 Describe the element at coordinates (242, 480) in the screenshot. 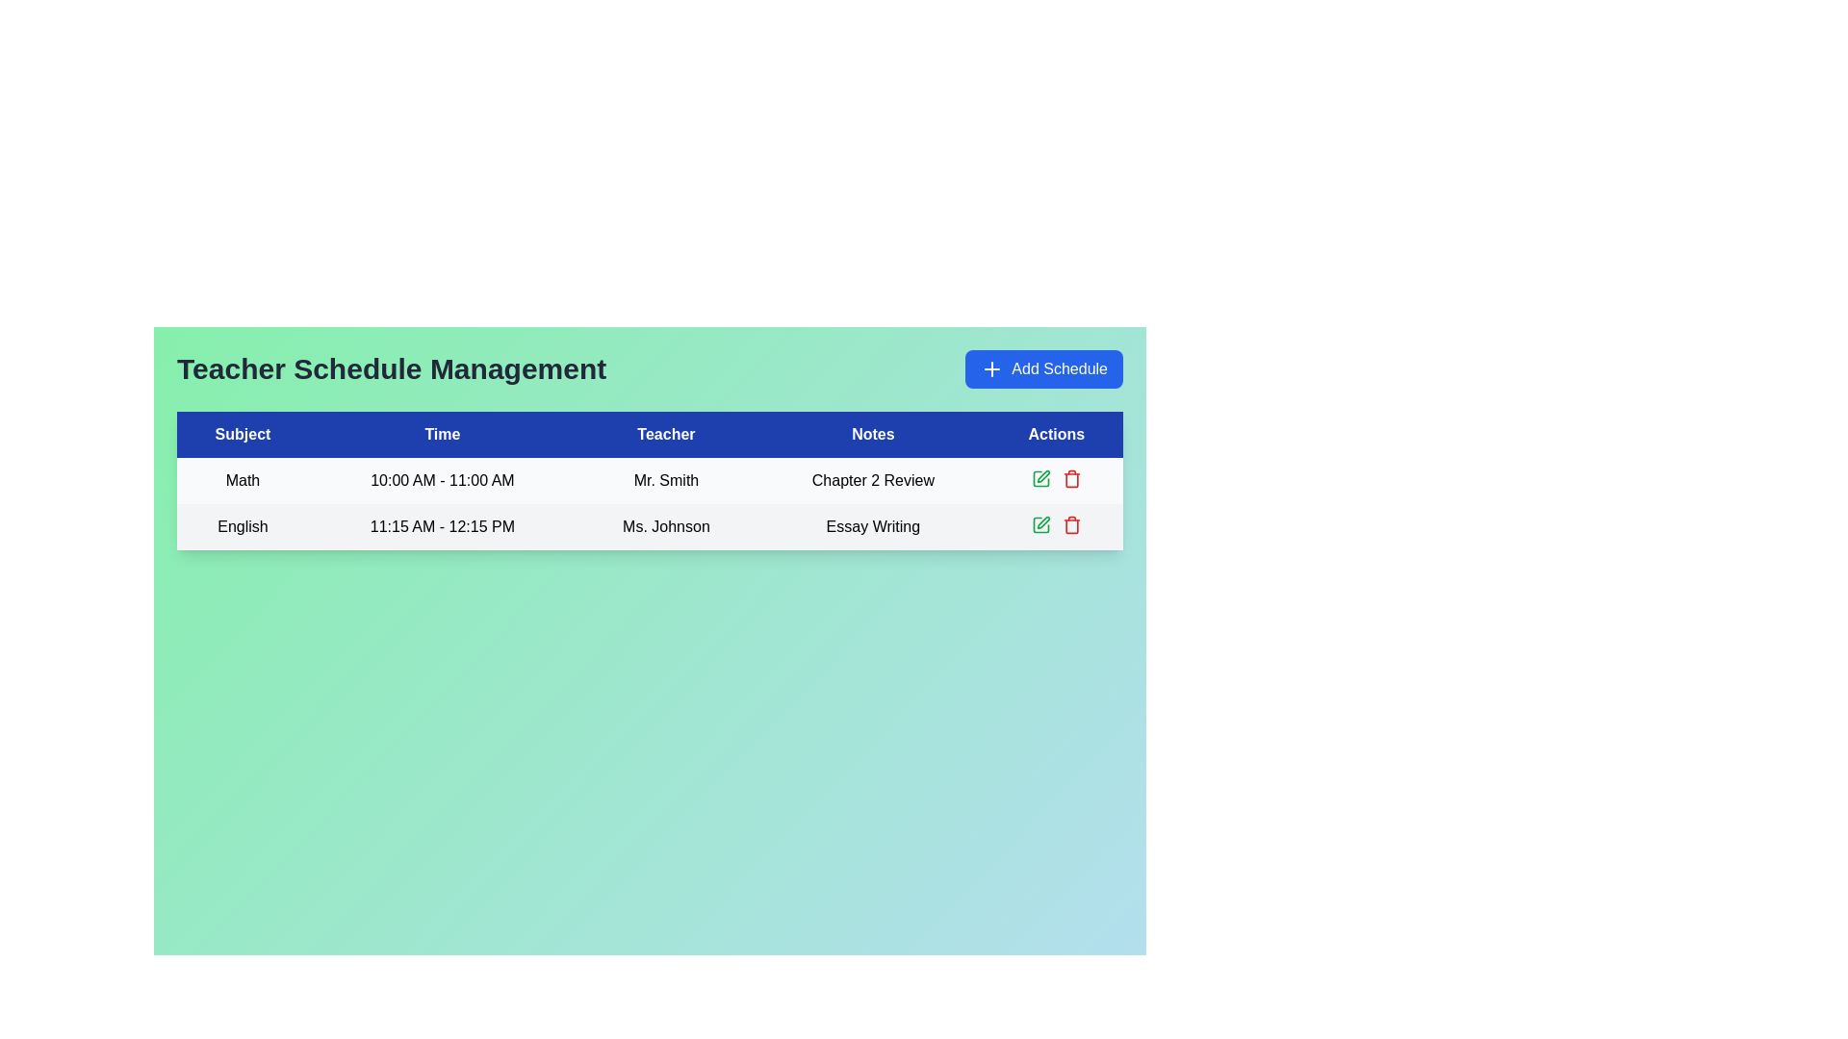

I see `the static text label indicating the subject of the schedule entry, which is 'Math', located in the first column of the table under the header 'Subject'` at that location.